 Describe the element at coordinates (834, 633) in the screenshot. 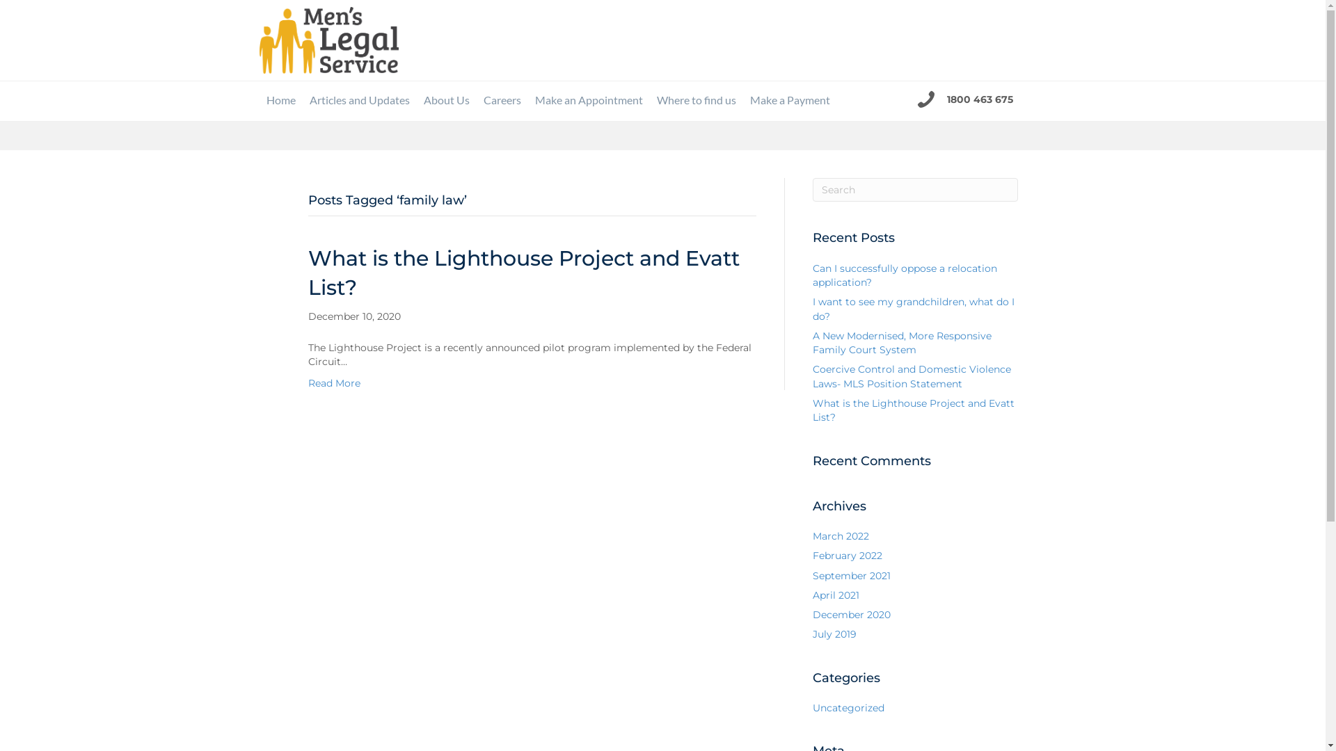

I see `'July 2019'` at that location.